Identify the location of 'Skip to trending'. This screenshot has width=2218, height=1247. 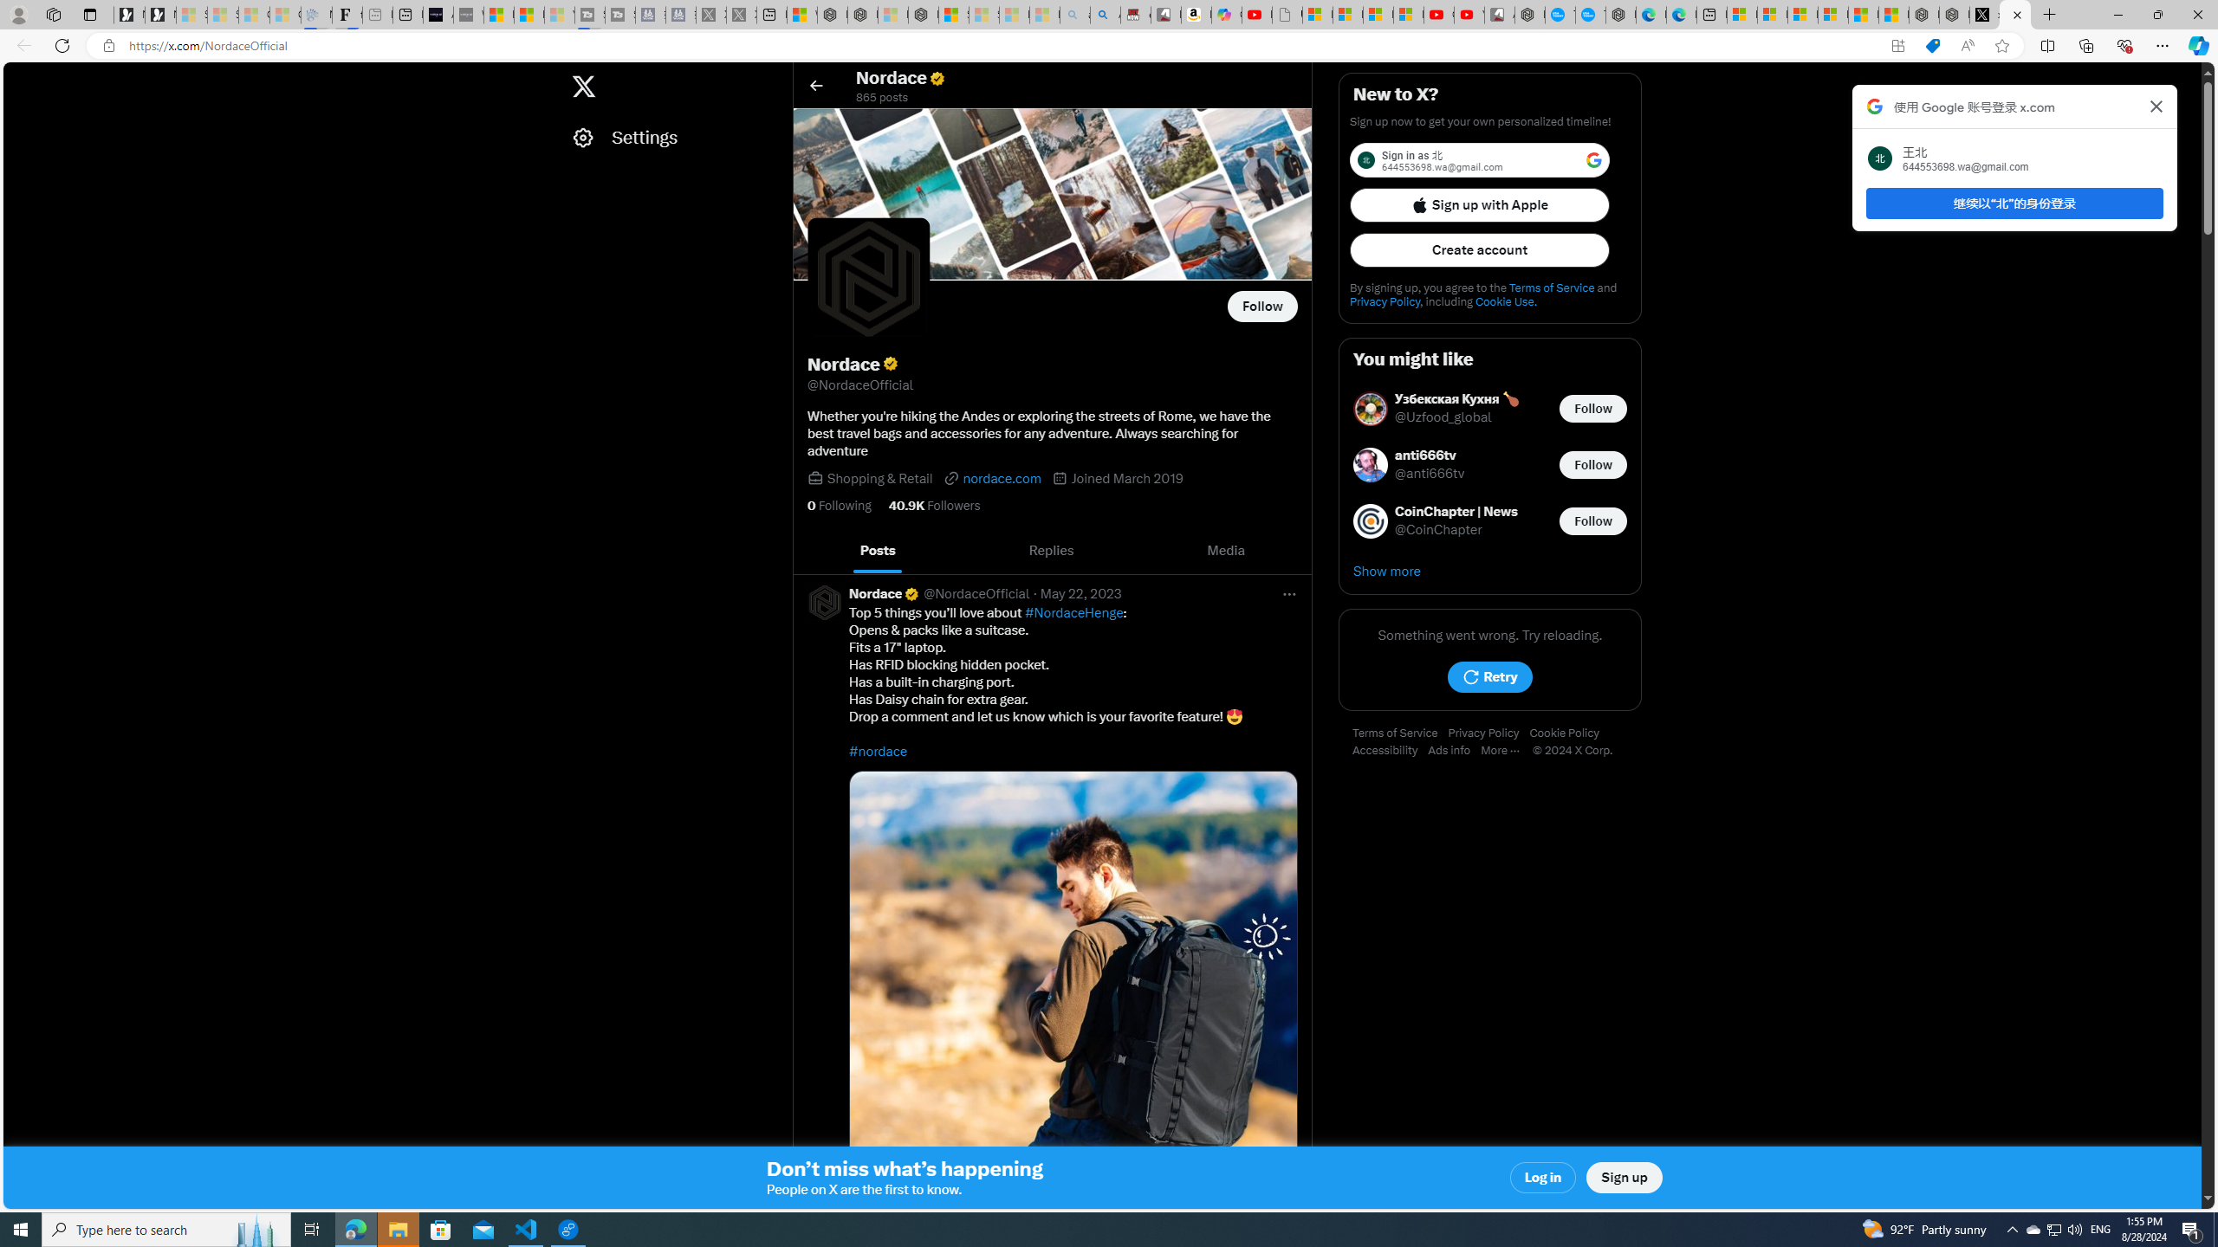
(20, 77).